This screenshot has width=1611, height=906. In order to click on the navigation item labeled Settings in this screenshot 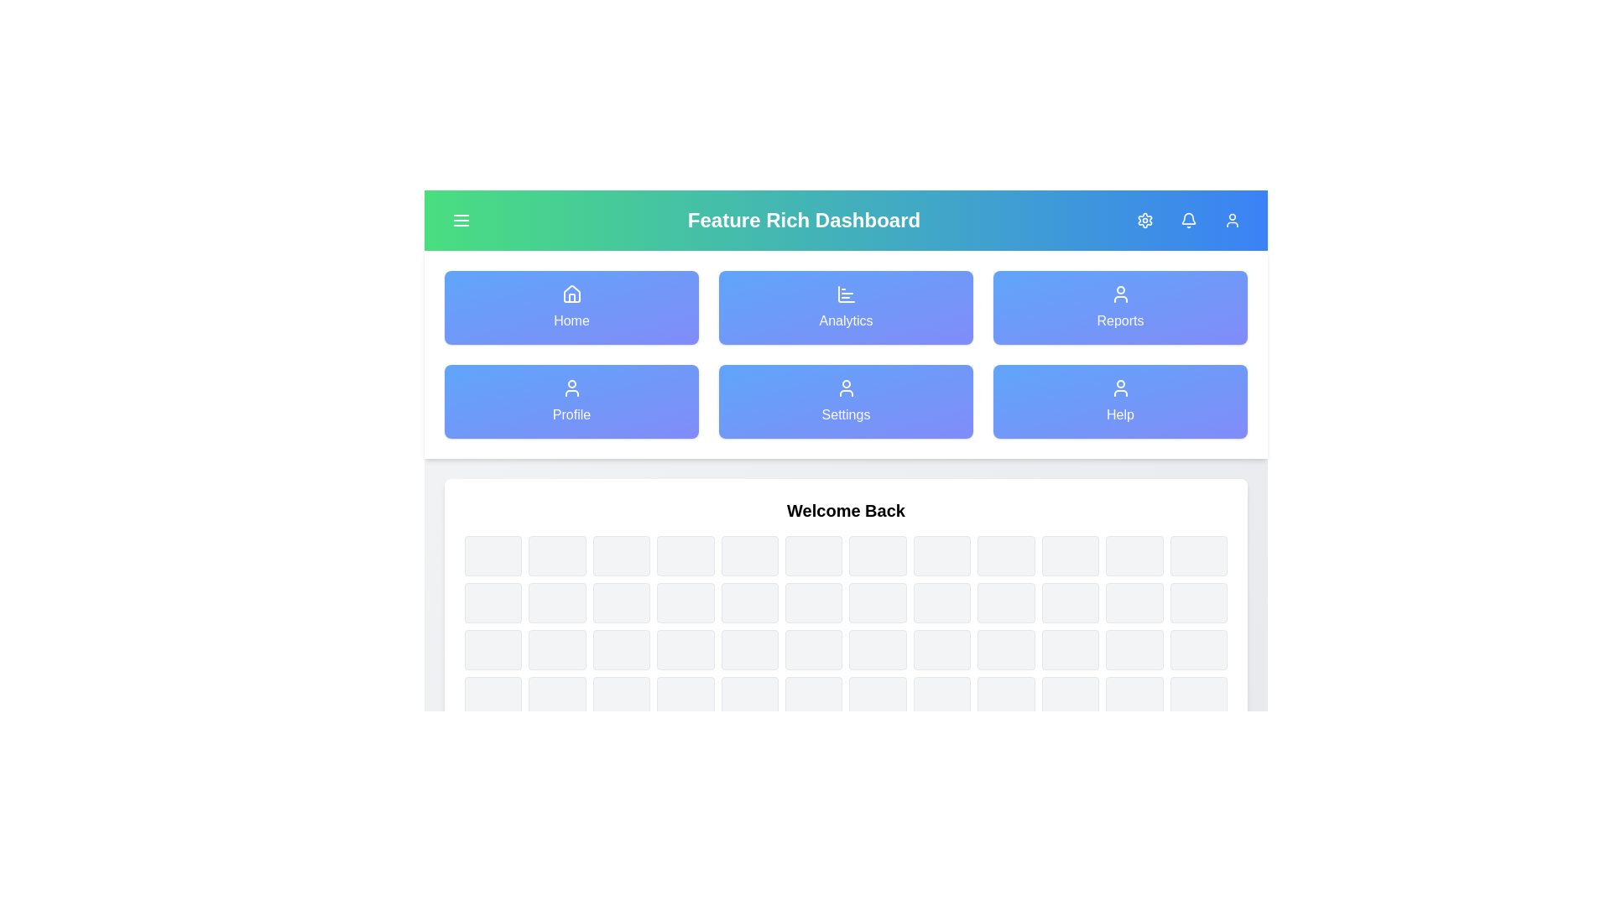, I will do `click(846, 401)`.